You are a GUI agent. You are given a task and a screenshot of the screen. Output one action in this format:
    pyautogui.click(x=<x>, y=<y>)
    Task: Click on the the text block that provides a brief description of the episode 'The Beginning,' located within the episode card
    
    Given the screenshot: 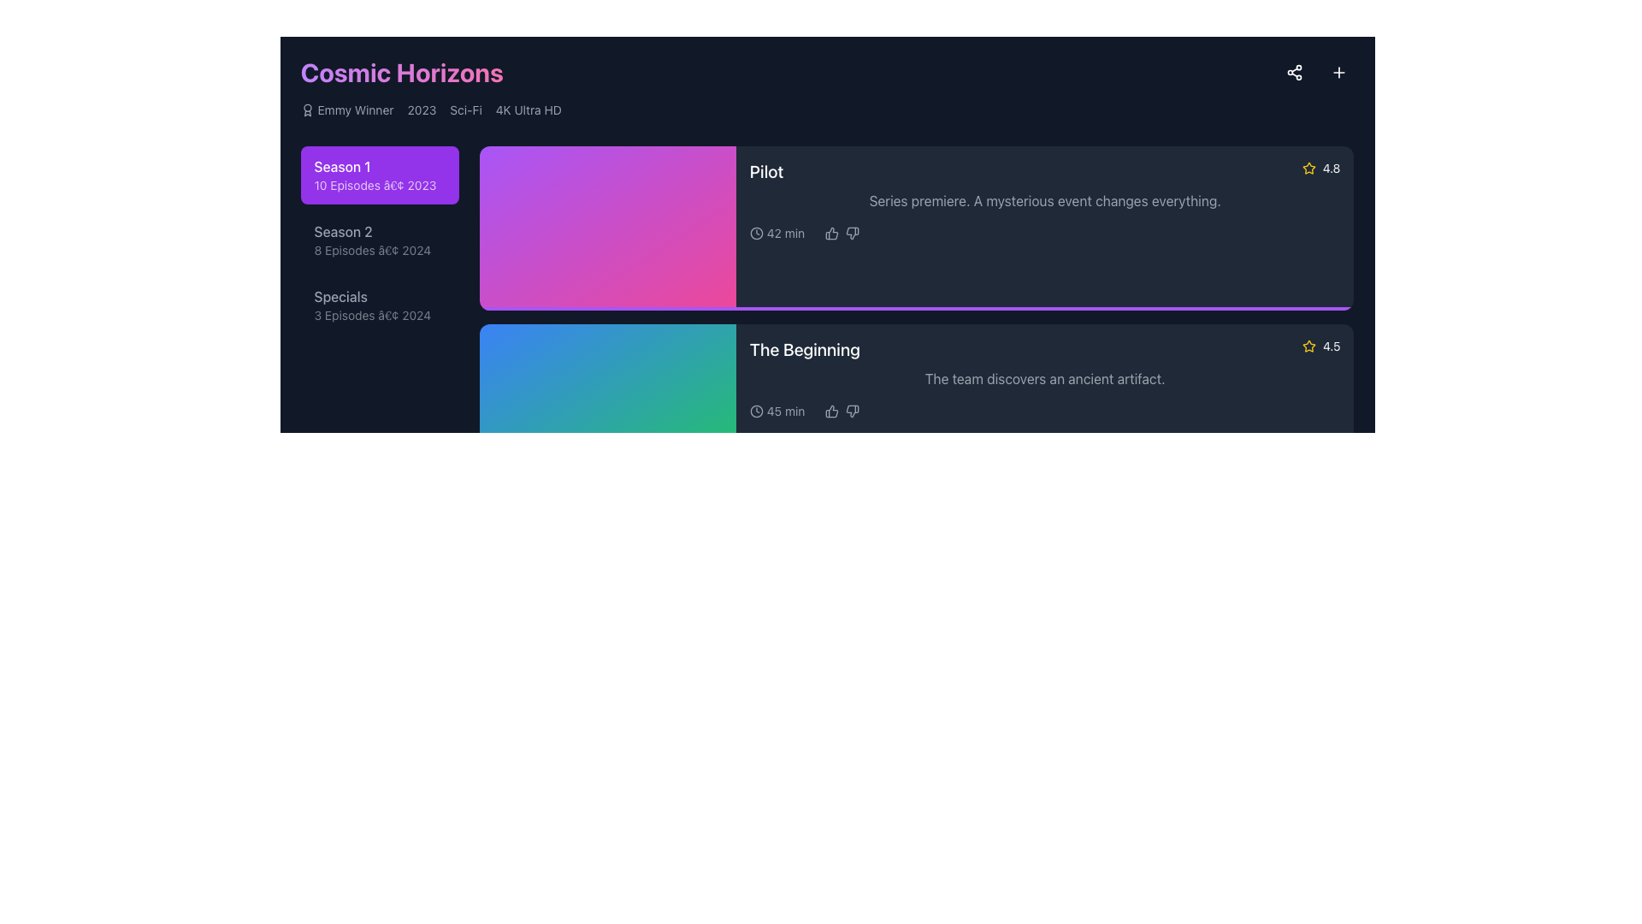 What is the action you would take?
    pyautogui.click(x=1044, y=378)
    